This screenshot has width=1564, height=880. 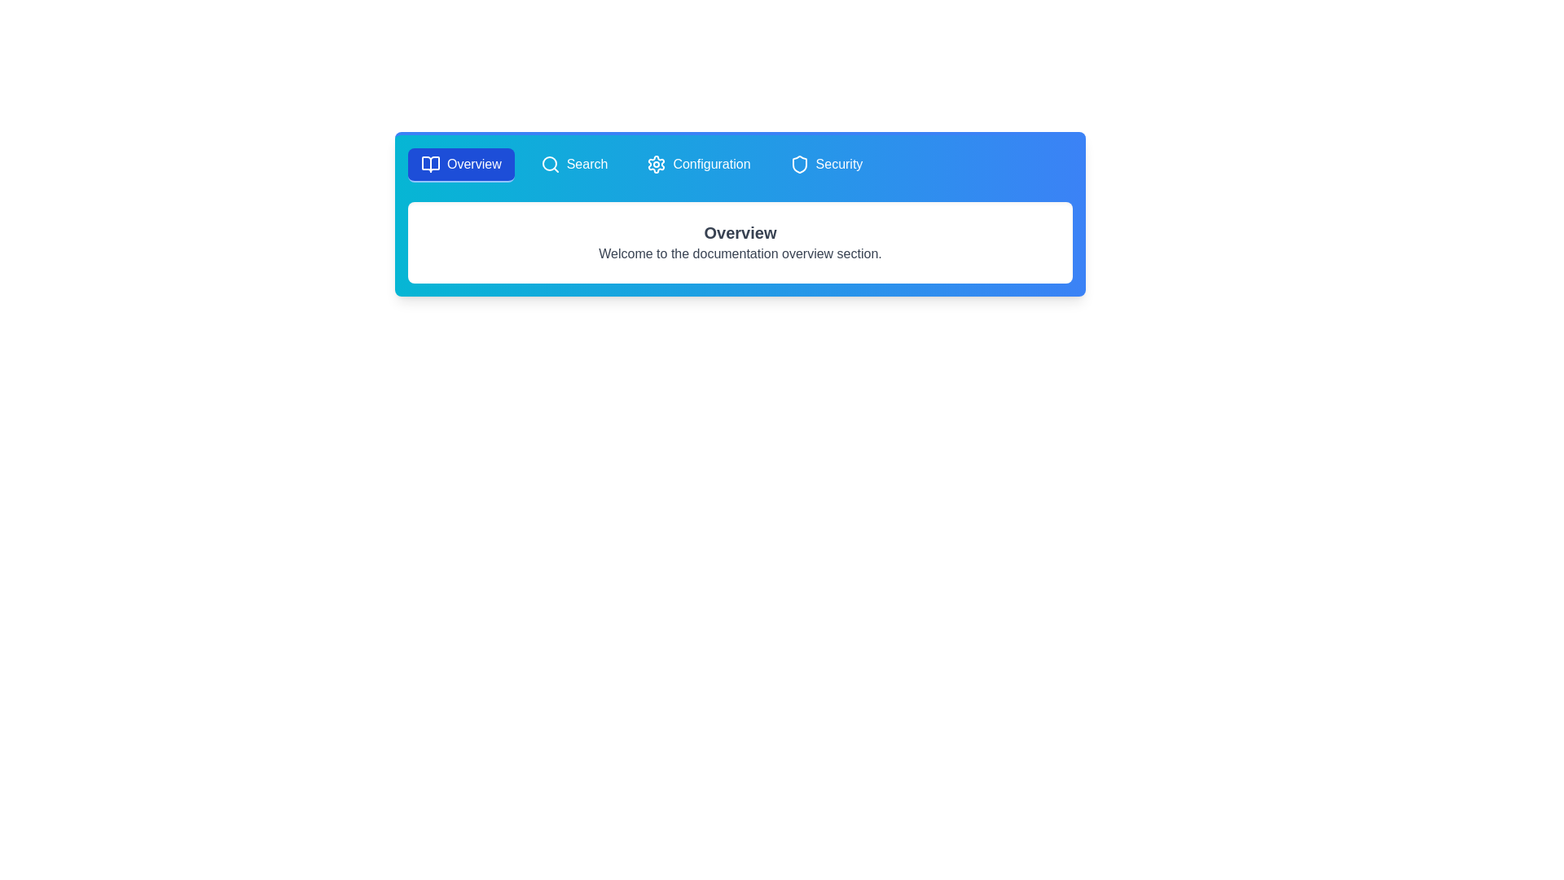 I want to click on the 'Security' navigation button, which is the fourth item in the row of navigation options, to trigger a state change, so click(x=826, y=165).